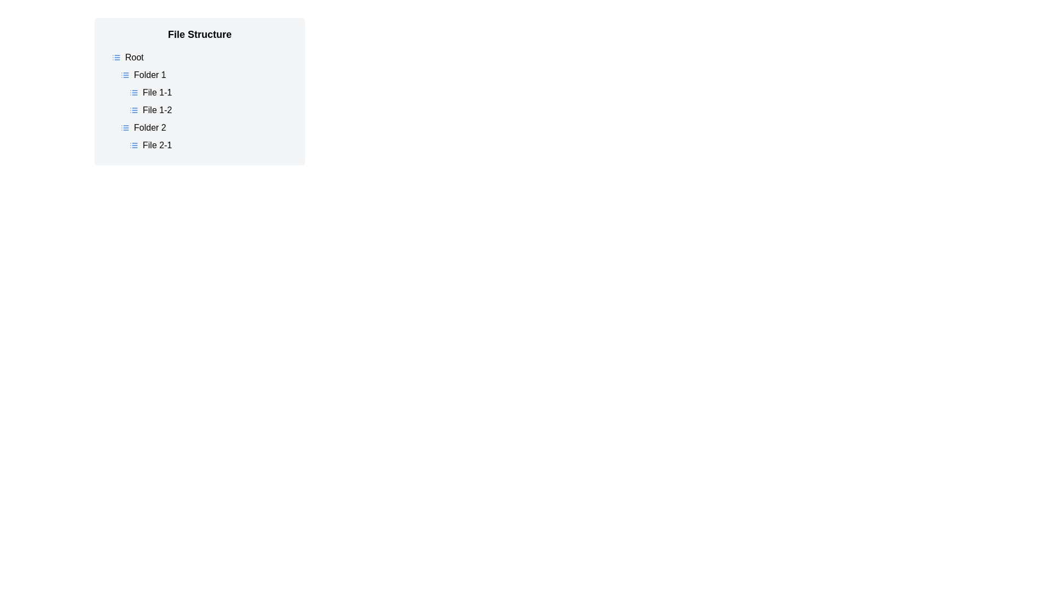 Image resolution: width=1054 pixels, height=593 pixels. What do you see at coordinates (200, 33) in the screenshot?
I see `header text 'File Structure' which is styled in bold and positioned at the top center of the light gray background panel` at bounding box center [200, 33].